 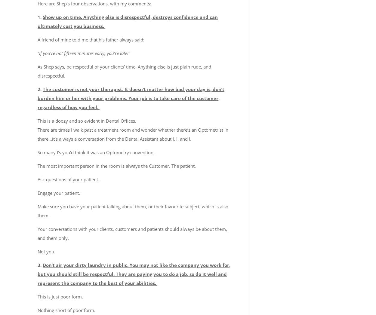 I want to click on 'Engage your patient.', so click(x=58, y=192).